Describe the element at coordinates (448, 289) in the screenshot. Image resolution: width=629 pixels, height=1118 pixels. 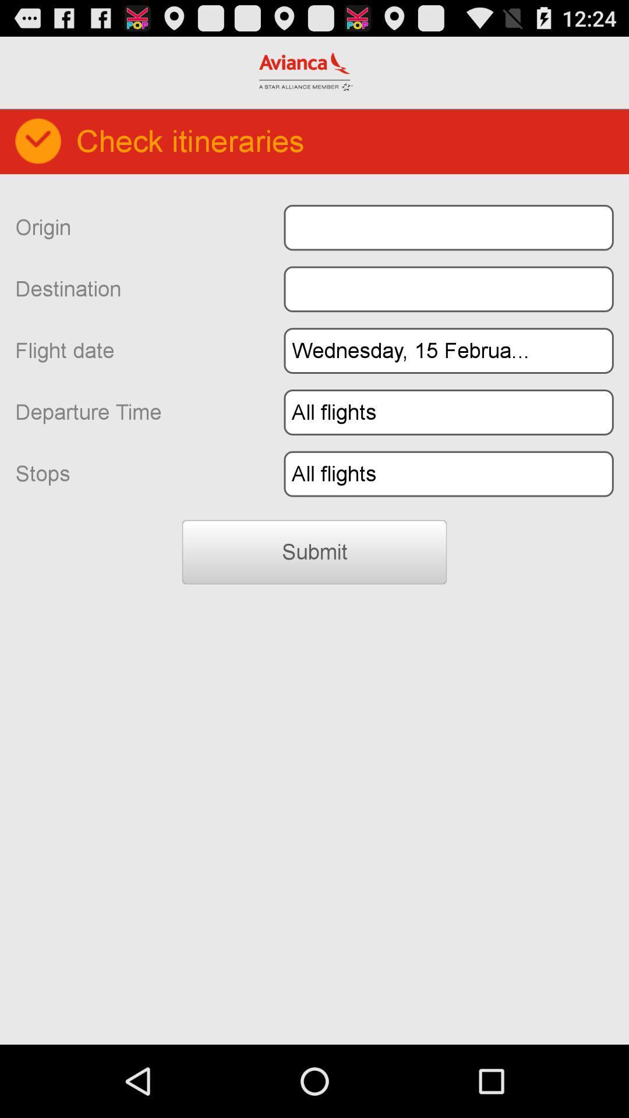
I see `the item next to the destination icon` at that location.